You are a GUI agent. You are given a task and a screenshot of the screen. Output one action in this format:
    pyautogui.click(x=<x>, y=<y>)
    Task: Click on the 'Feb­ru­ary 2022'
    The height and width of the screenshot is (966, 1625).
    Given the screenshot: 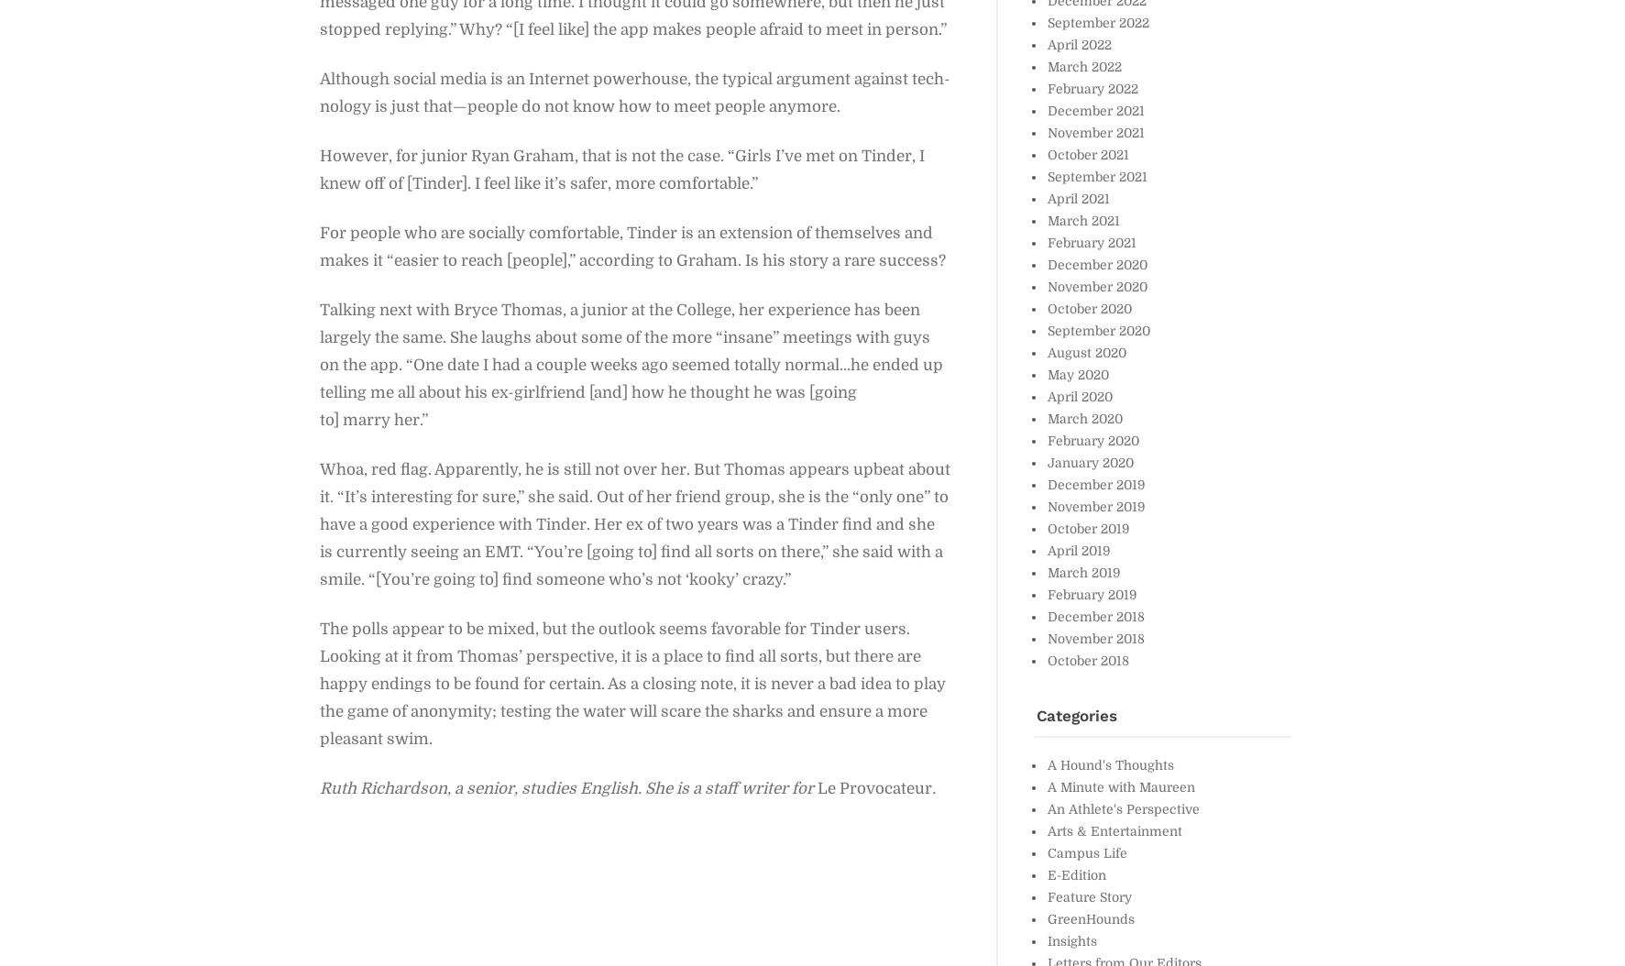 What is the action you would take?
    pyautogui.click(x=1091, y=87)
    